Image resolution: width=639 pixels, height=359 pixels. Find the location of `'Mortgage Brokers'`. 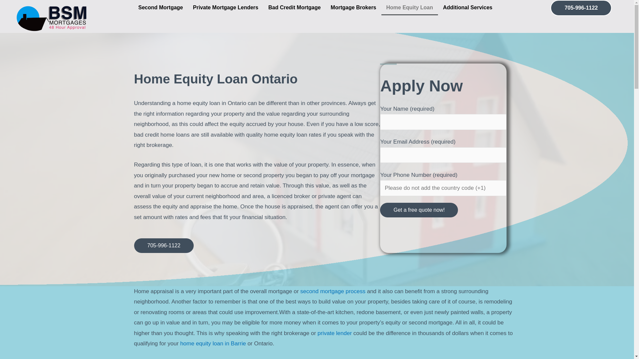

'Mortgage Brokers' is located at coordinates (353, 8).